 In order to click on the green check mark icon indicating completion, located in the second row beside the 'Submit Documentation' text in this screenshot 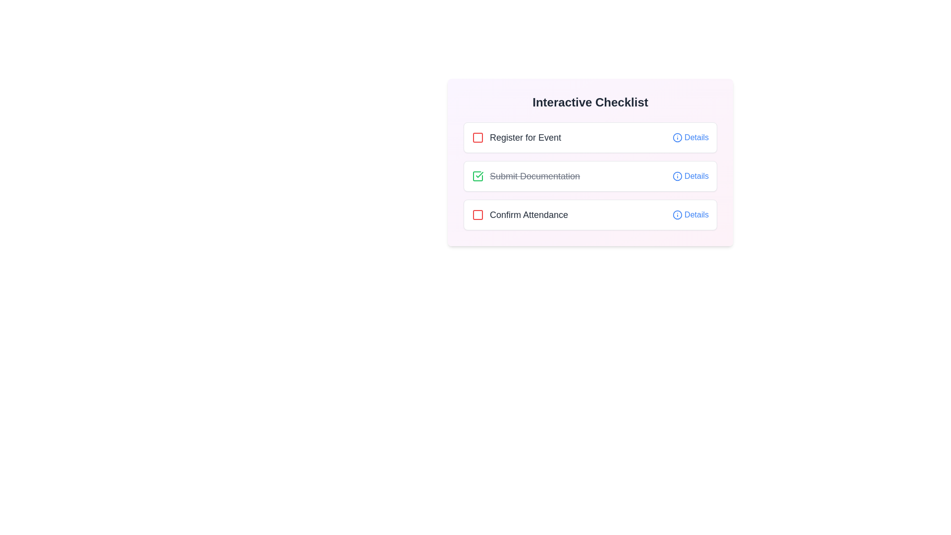, I will do `click(479, 174)`.